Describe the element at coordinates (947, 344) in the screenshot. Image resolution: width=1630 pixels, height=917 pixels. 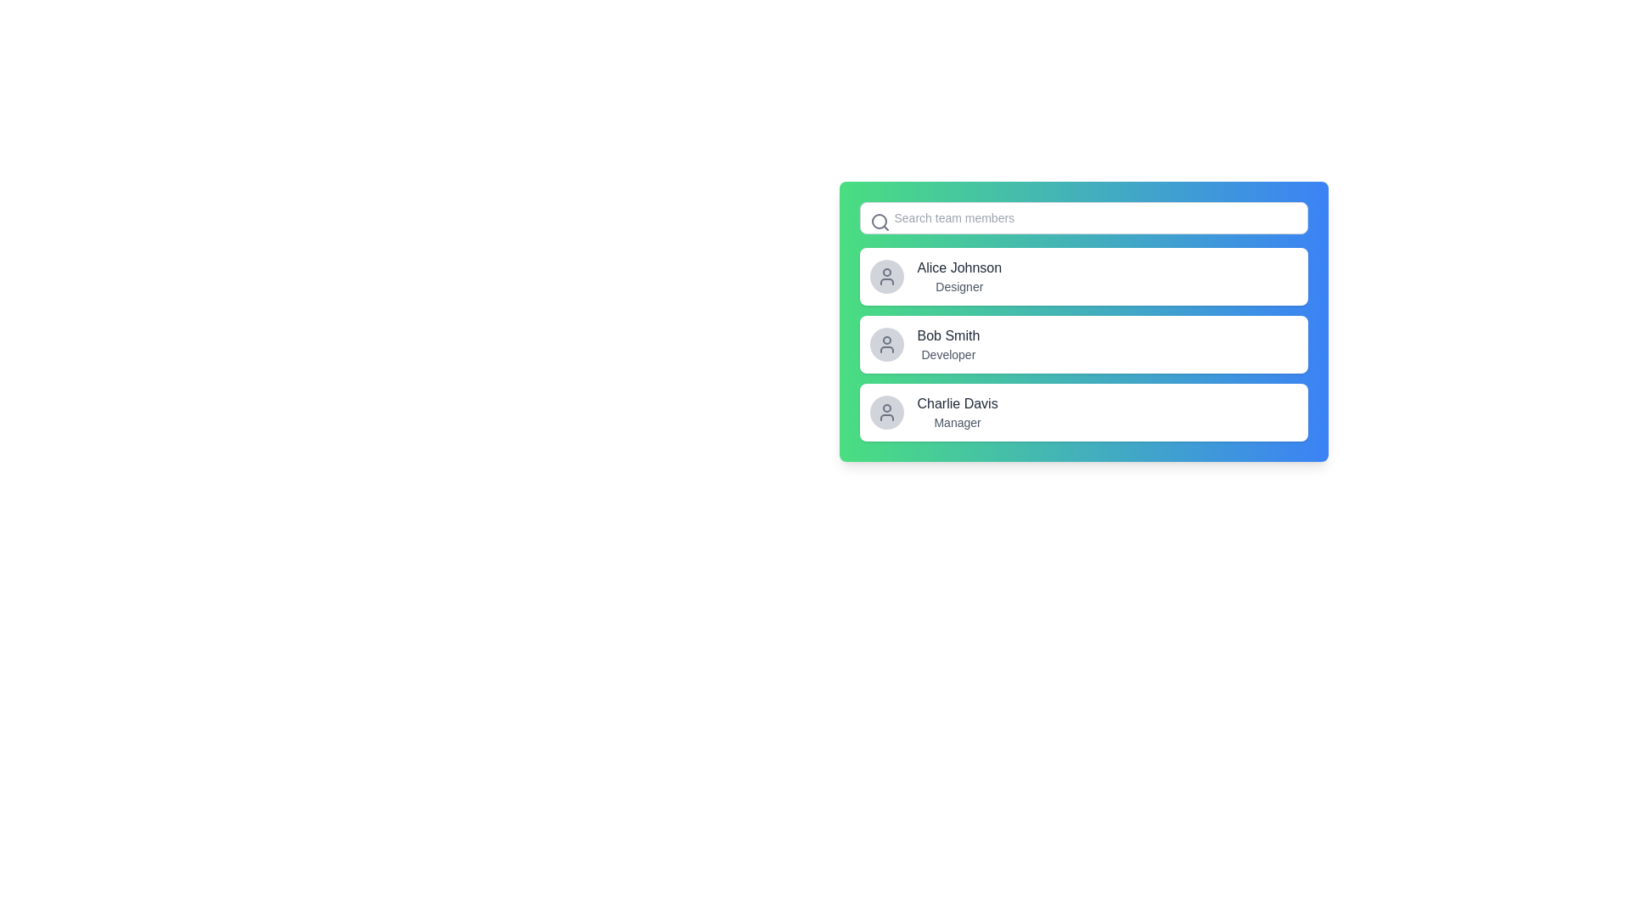
I see `the text element displaying the name and role of an individual, located in the second row of a vertical list, positioned below 'Alice Johnson - Designer' and above 'Charlie Davis - Manager'` at that location.